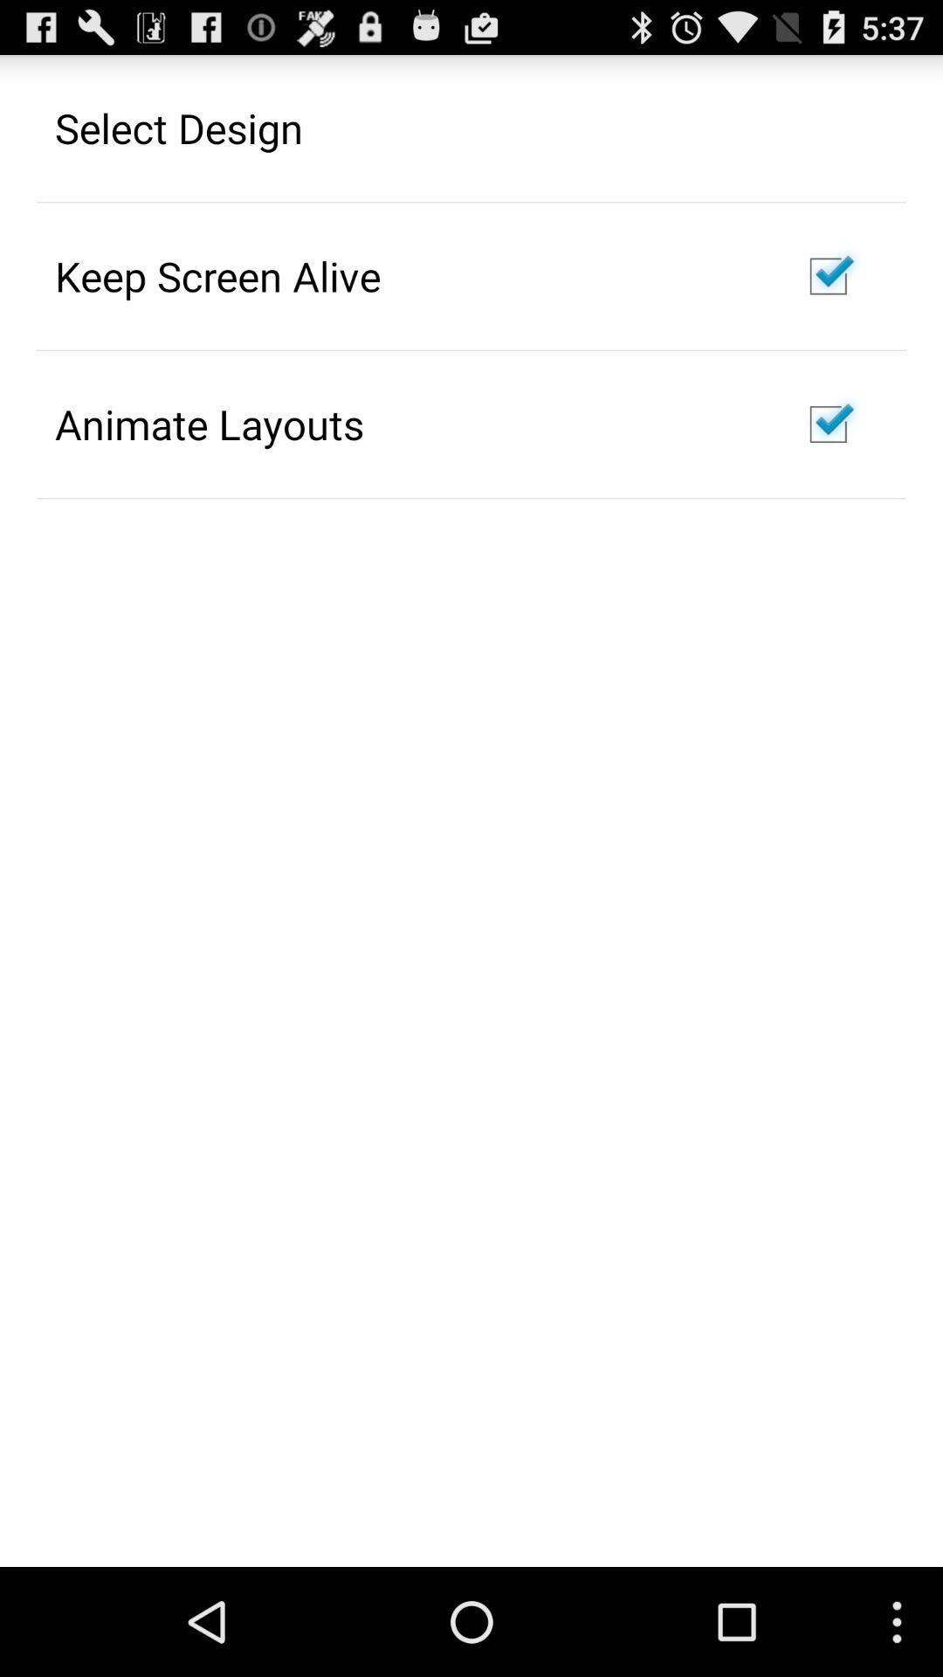  Describe the element at coordinates (217, 275) in the screenshot. I see `the app above animate layouts` at that location.